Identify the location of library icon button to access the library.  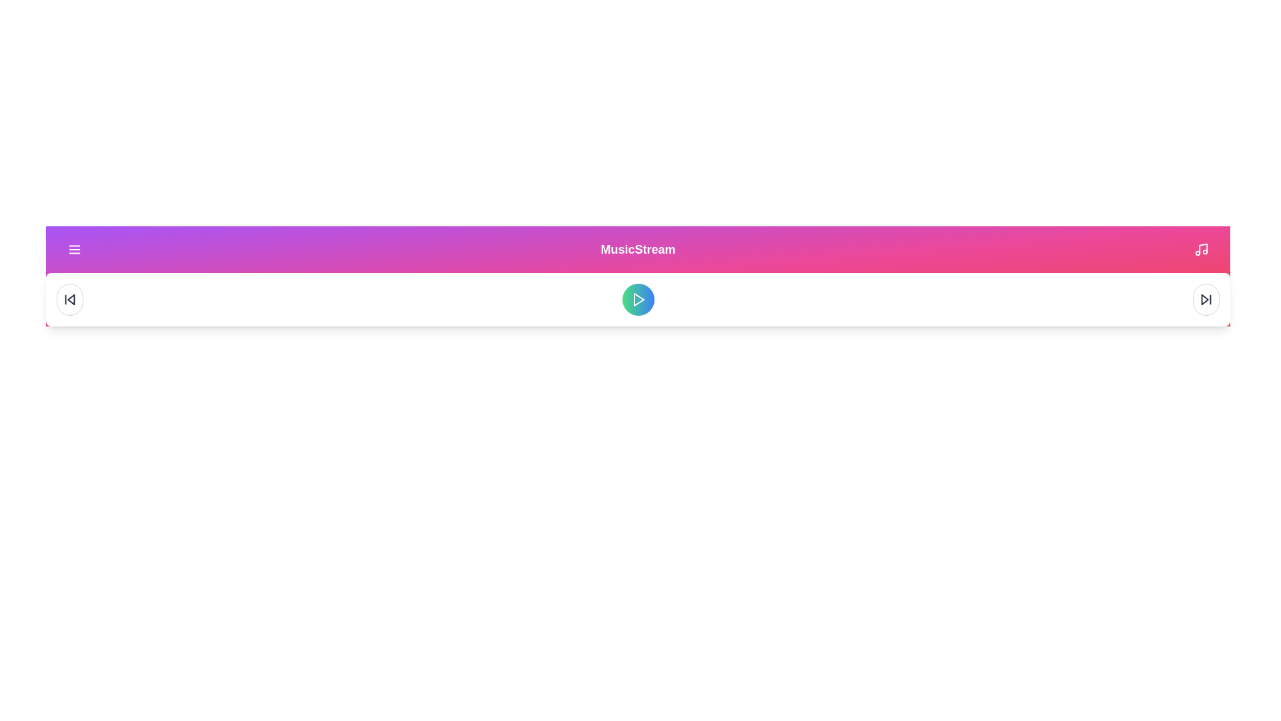
(1201, 250).